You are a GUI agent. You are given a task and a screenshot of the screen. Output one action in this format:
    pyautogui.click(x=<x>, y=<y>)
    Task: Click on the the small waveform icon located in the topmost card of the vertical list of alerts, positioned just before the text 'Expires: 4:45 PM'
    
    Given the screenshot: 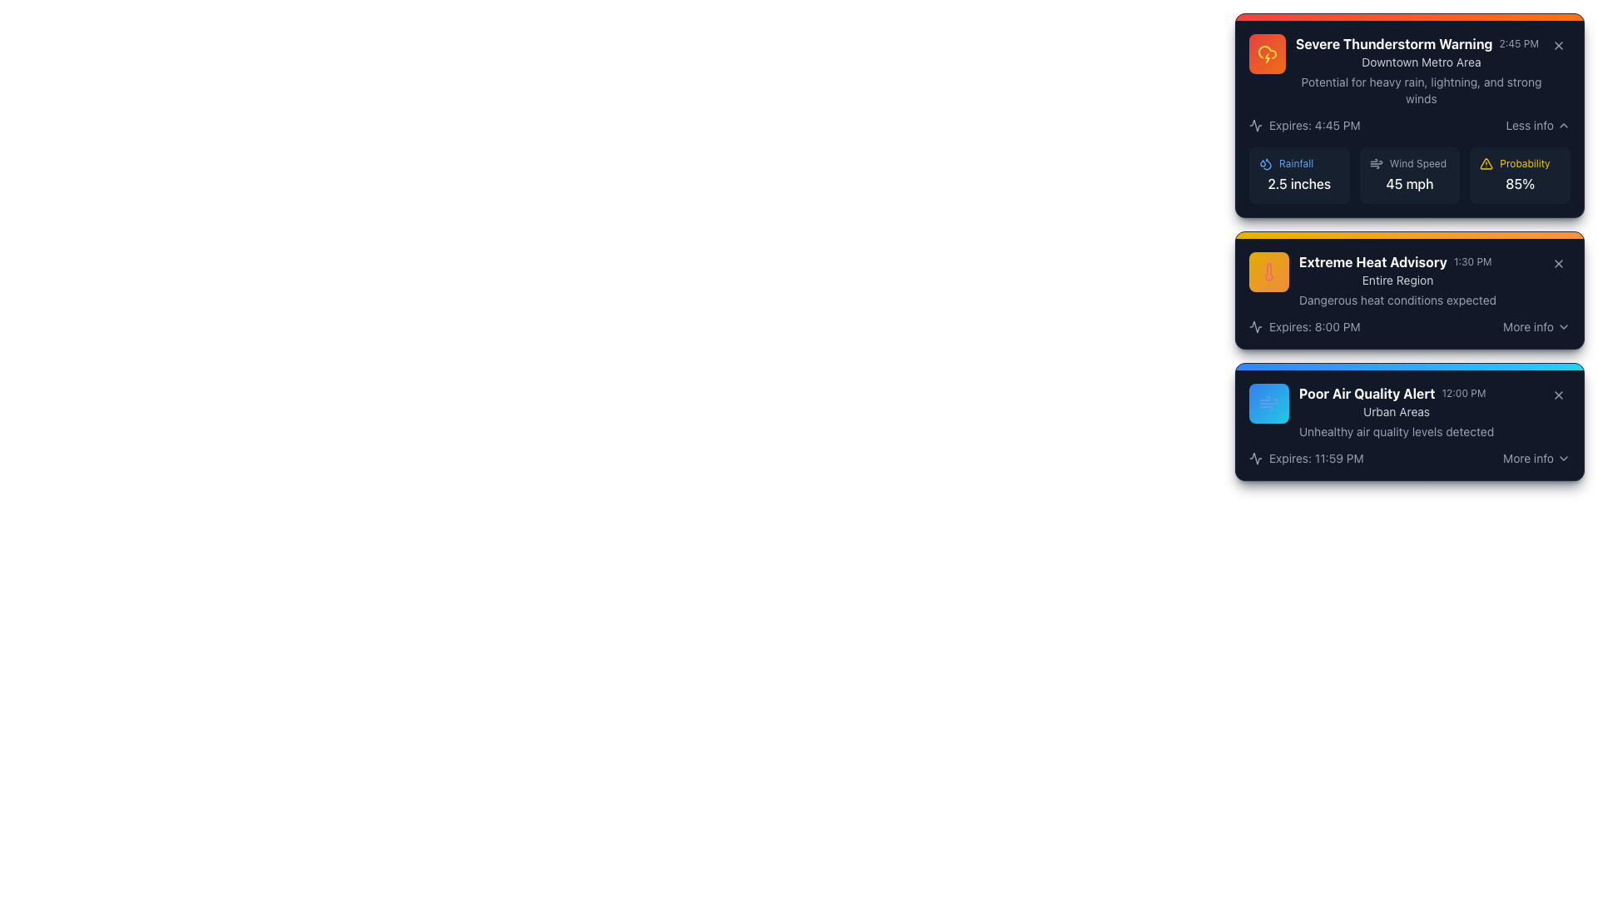 What is the action you would take?
    pyautogui.click(x=1255, y=124)
    